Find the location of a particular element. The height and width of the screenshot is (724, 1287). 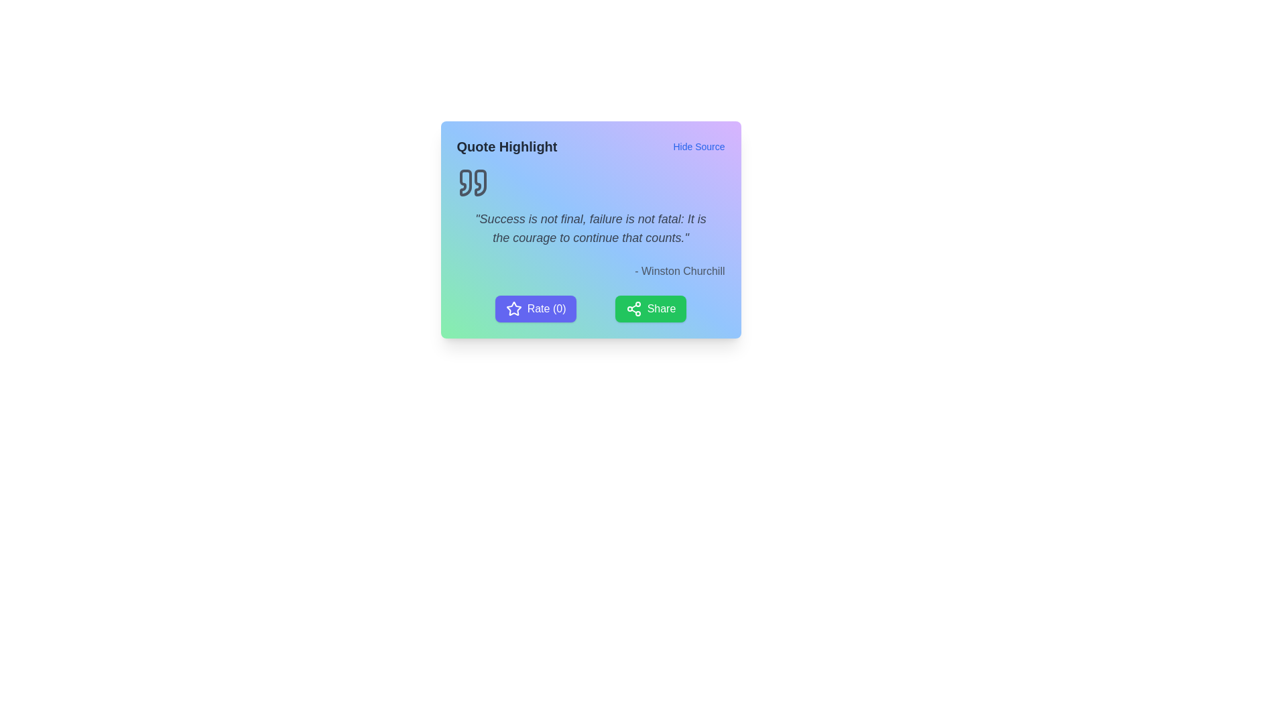

the decorative icon located at the top-left corner of the quoted text card, which emphasizes the beginning of a quote is located at coordinates (473, 183).